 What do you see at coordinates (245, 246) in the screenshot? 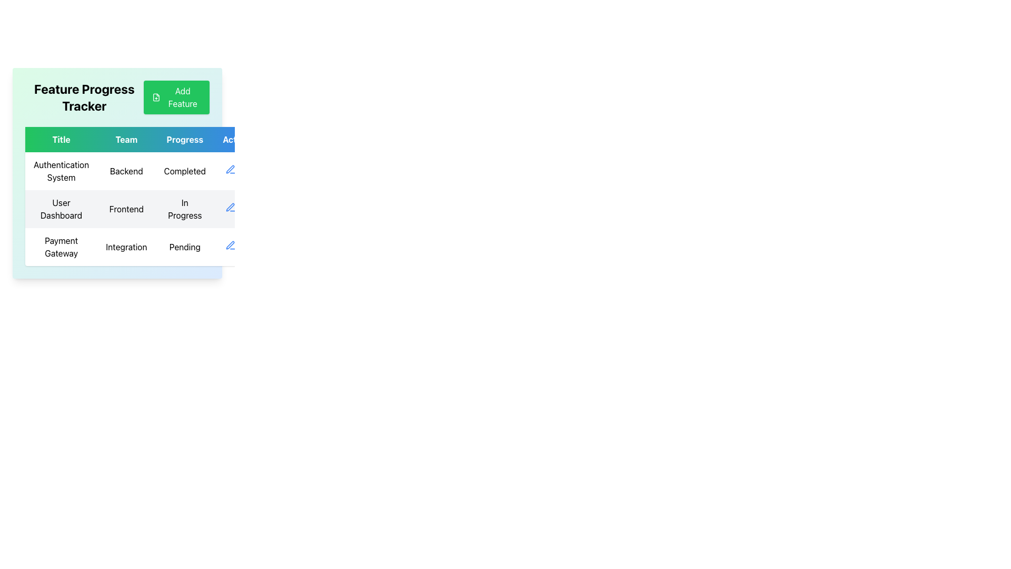
I see `the delete button located in the last row of the table under the 'Action' column, to the right of the 'Pending' progress status` at bounding box center [245, 246].